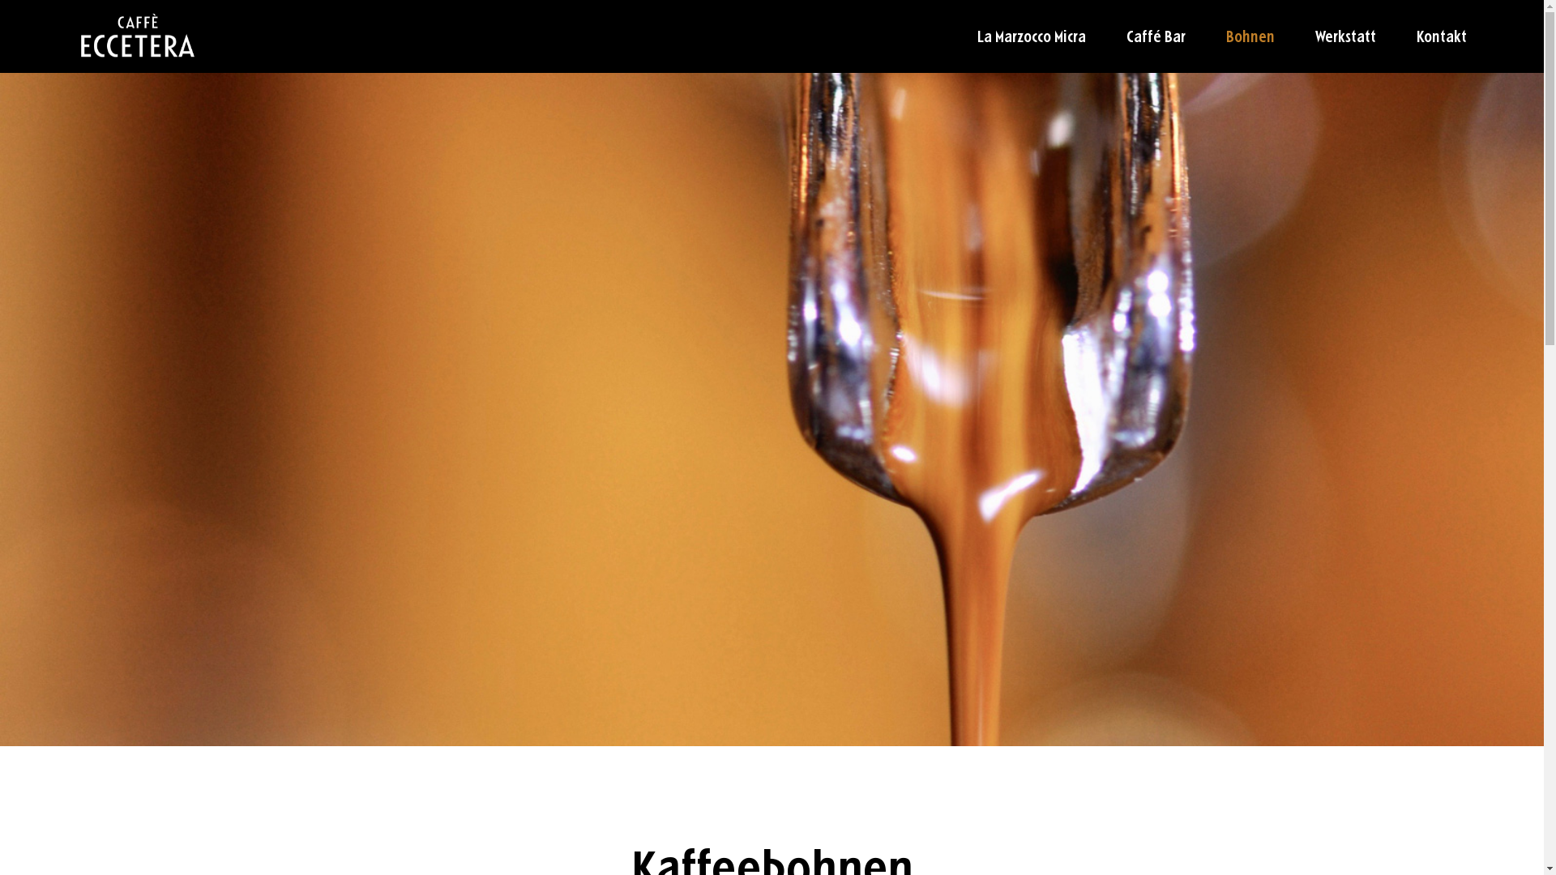  I want to click on 'Bohnen', so click(1249, 36).